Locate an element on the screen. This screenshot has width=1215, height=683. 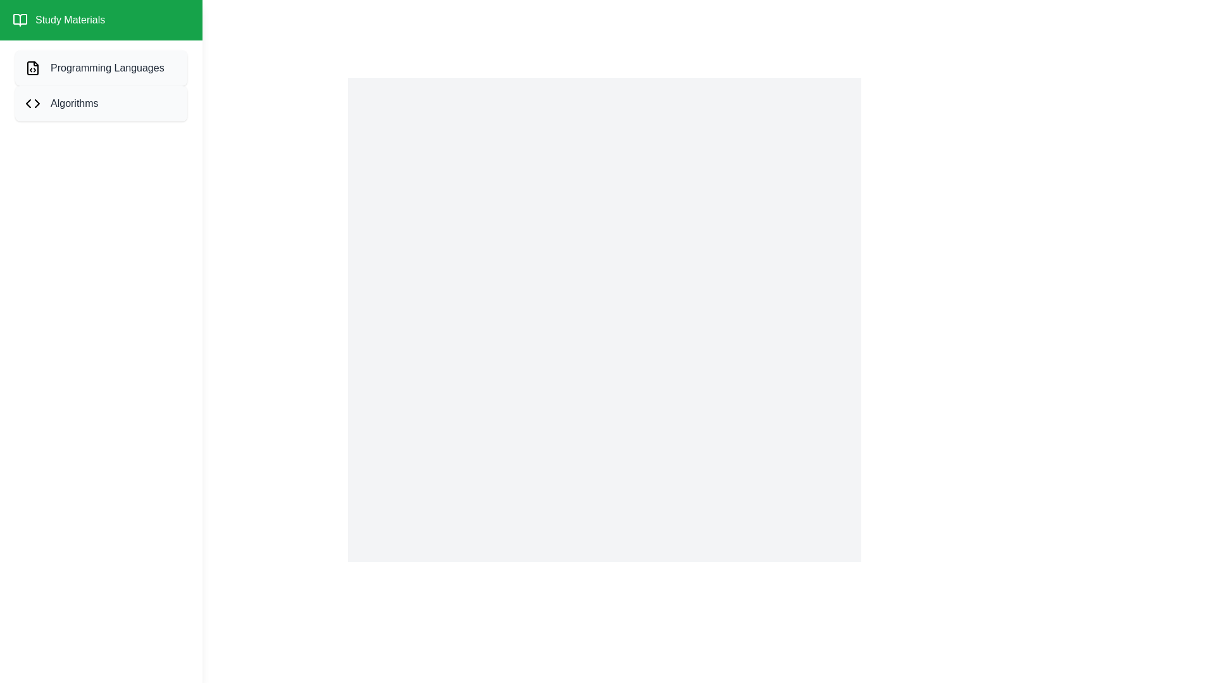
toggle button to change the drawer's visibility is located at coordinates (25, 25).